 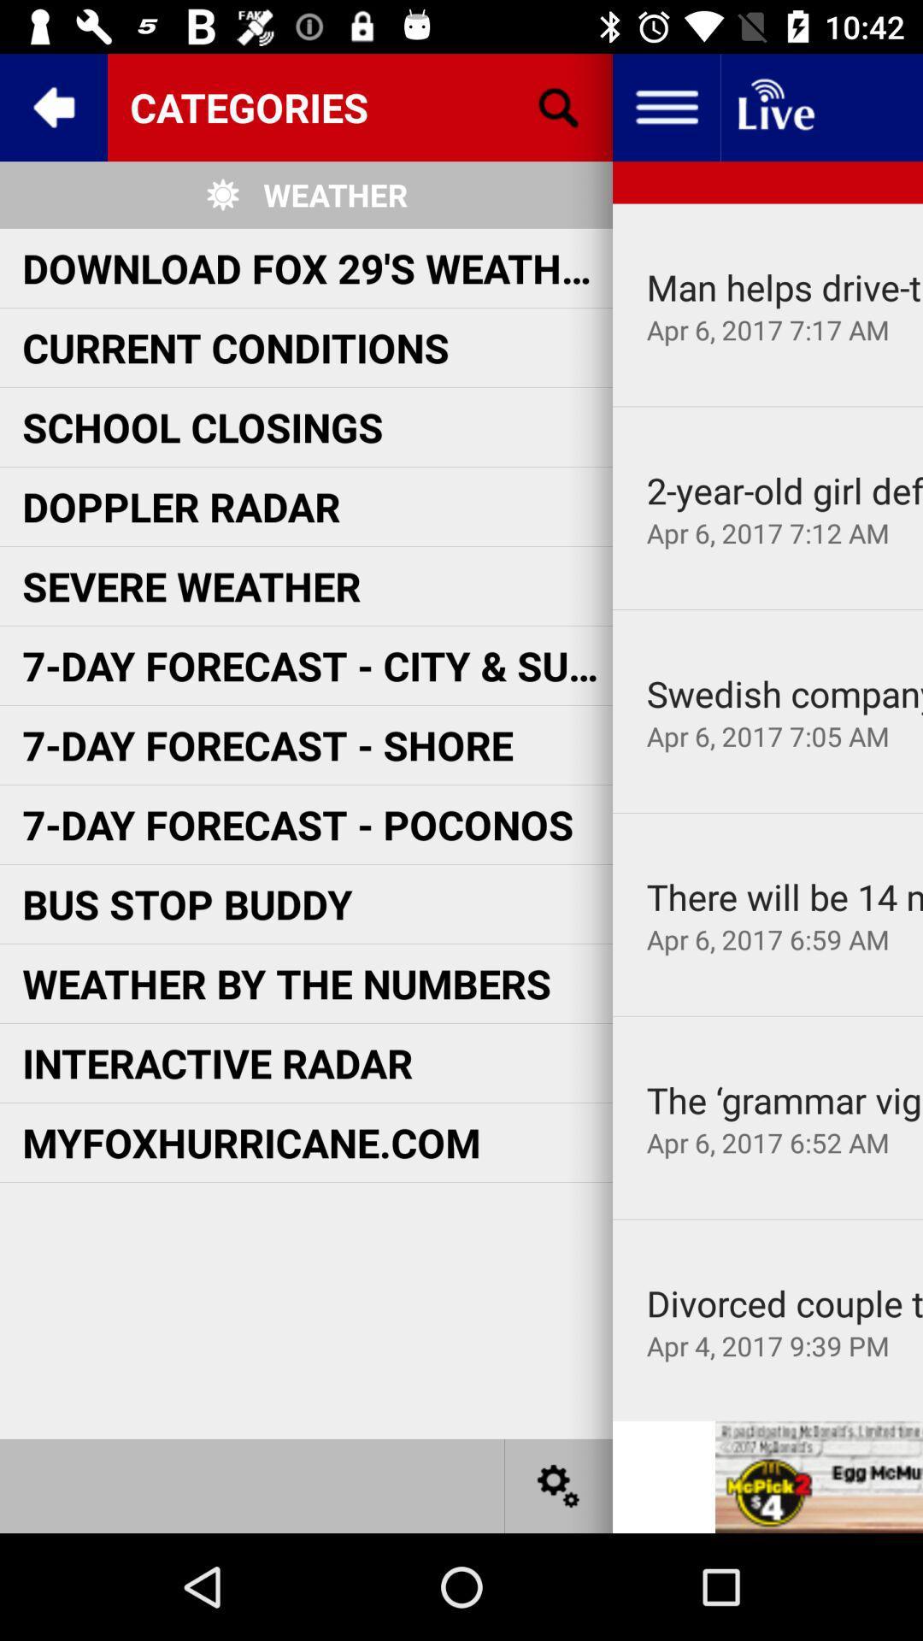 What do you see at coordinates (767, 609) in the screenshot?
I see `icon below apr 6 2017 app` at bounding box center [767, 609].